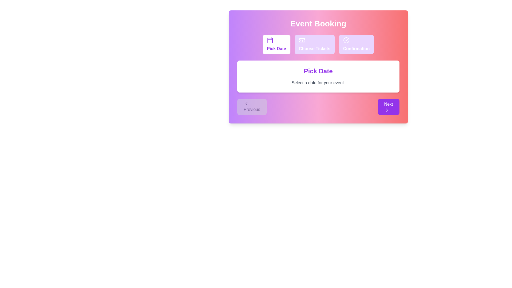 This screenshot has width=512, height=288. Describe the element at coordinates (302, 40) in the screenshot. I see `the ticket selection icon located within the 'Choose Tickets' button, the second button from the left in the navigation row at the top center of the 'Event Booking' interface` at that location.